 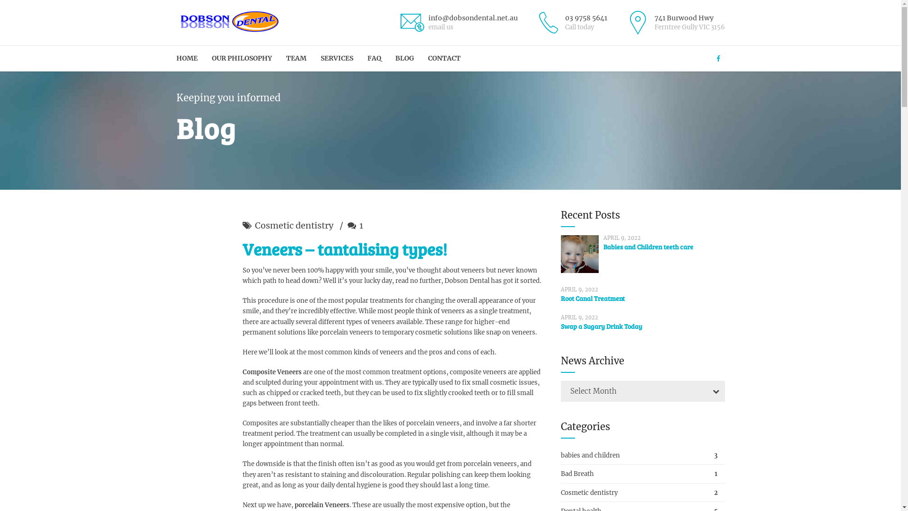 What do you see at coordinates (293, 226) in the screenshot?
I see `'Cosmetic dentistry'` at bounding box center [293, 226].